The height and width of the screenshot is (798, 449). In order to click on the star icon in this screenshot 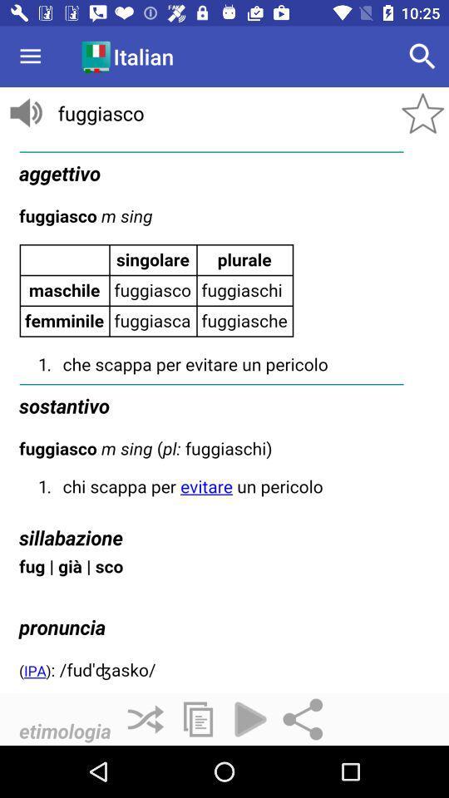, I will do `click(422, 112)`.